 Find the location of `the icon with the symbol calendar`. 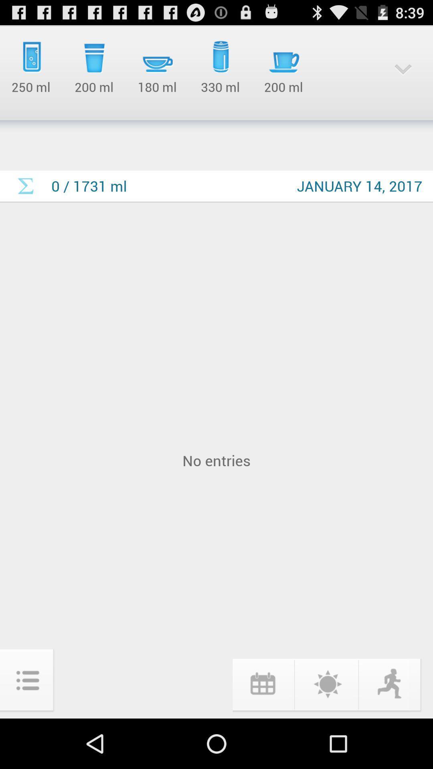

the icon with the symbol calendar is located at coordinates (263, 683).